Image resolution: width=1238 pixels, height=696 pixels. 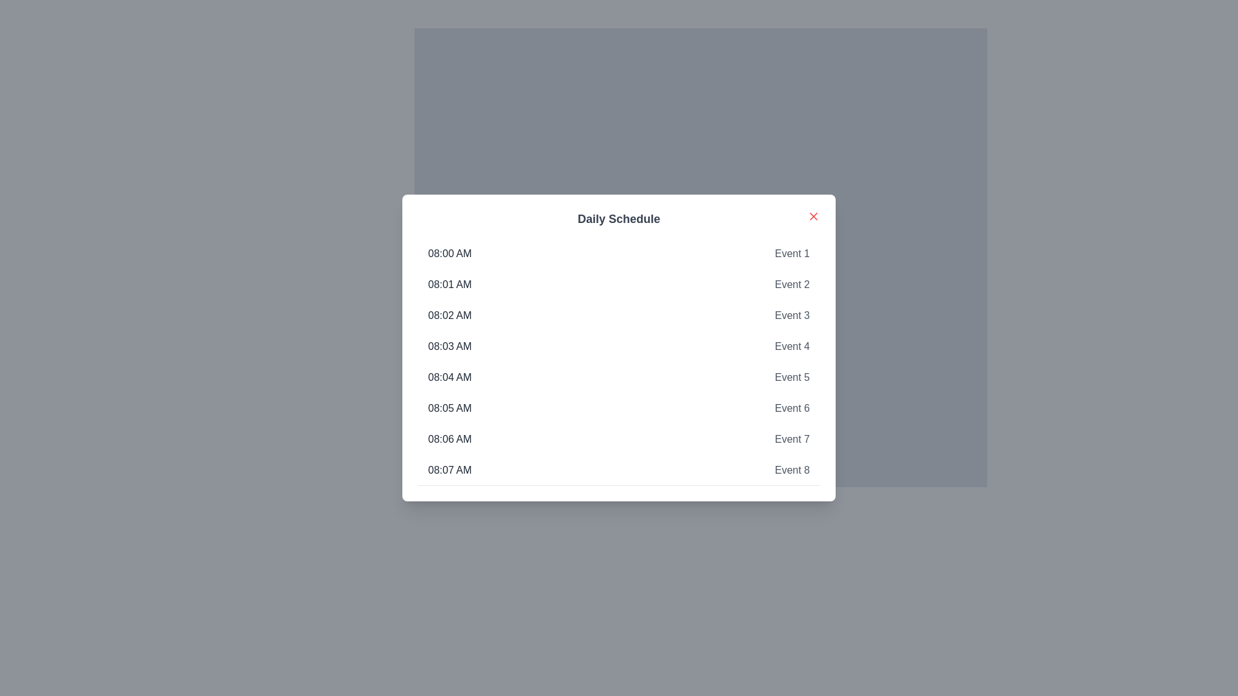 What do you see at coordinates (813, 215) in the screenshot?
I see `red close button at the top-right of the schedule modal to close it` at bounding box center [813, 215].